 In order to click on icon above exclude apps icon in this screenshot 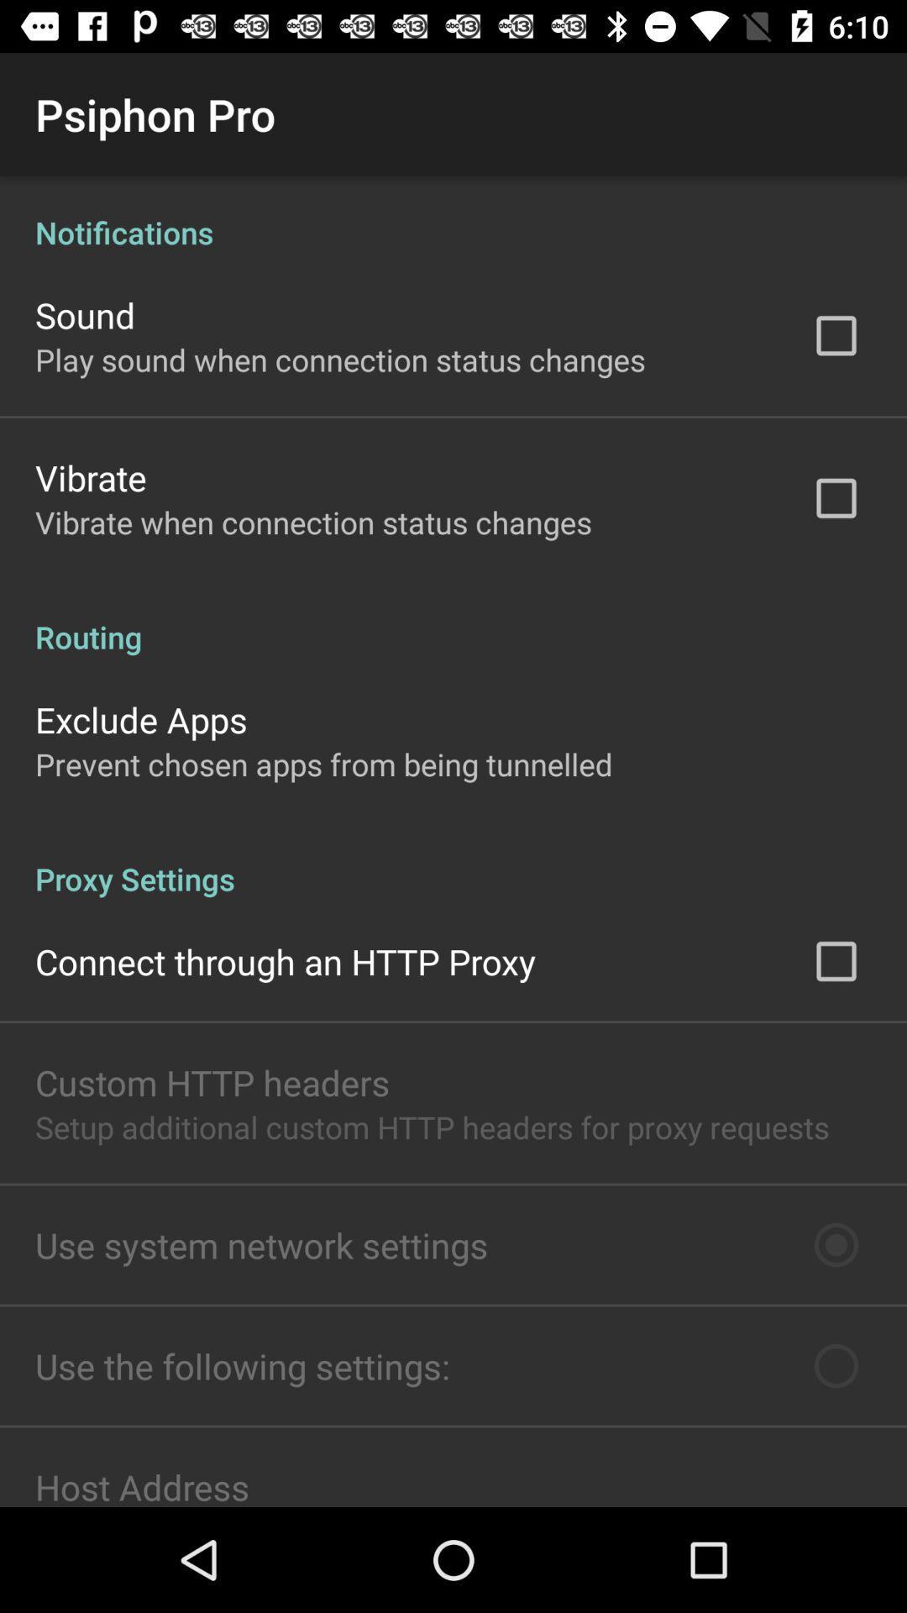, I will do `click(453, 618)`.